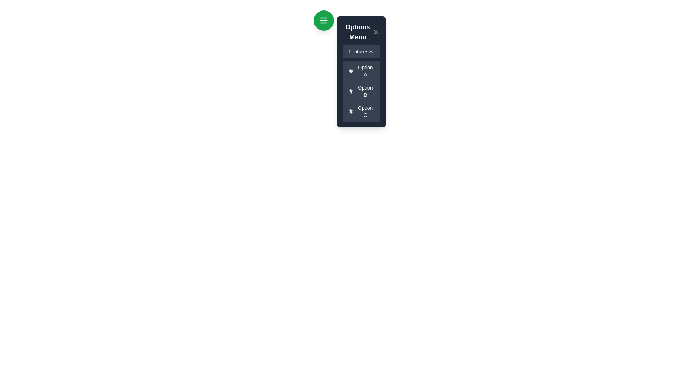 This screenshot has width=694, height=390. Describe the element at coordinates (361, 72) in the screenshot. I see `the first item in the dropdown menu under the 'Features' heading` at that location.